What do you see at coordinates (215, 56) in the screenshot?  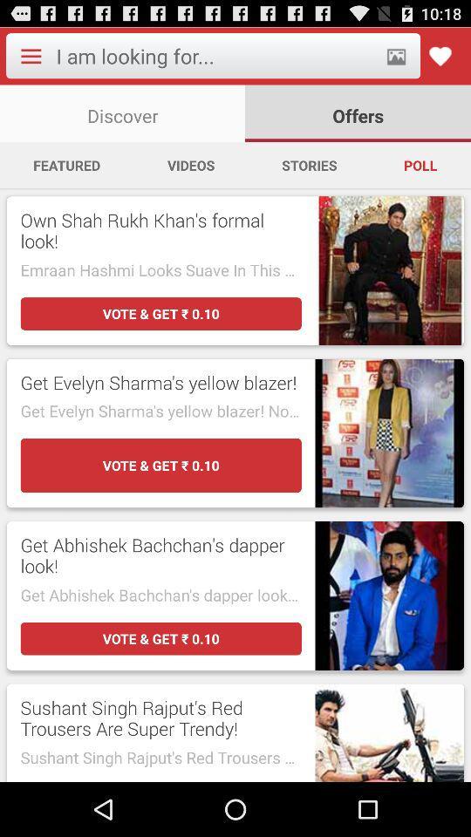 I see `type for search` at bounding box center [215, 56].